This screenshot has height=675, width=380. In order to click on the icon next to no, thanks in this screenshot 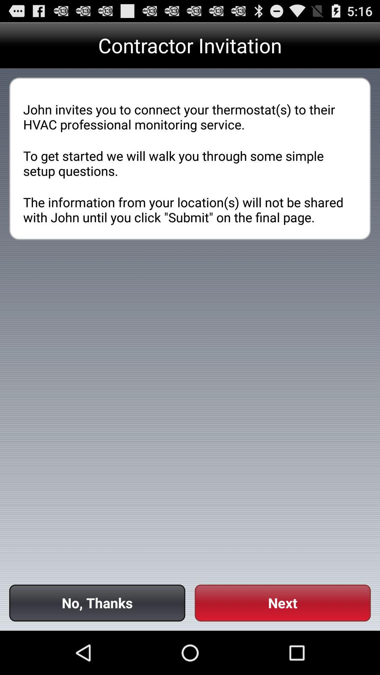, I will do `click(282, 603)`.